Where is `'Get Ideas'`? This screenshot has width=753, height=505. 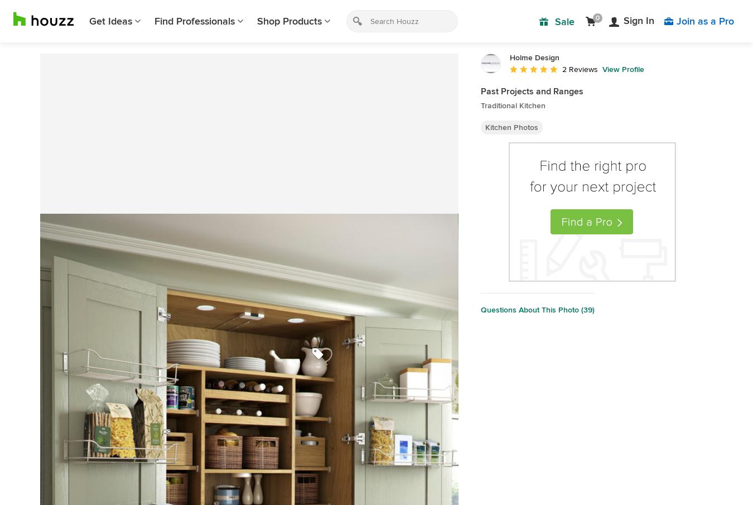
'Get Ideas' is located at coordinates (110, 21).